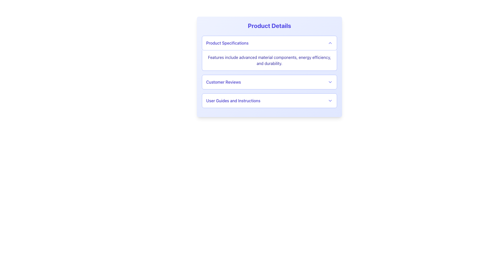 This screenshot has width=484, height=272. Describe the element at coordinates (269, 60) in the screenshot. I see `informational text block located beneath the 'Product Specifications' label, which details the product's features such as material components, energy efficiency, and durability` at that location.